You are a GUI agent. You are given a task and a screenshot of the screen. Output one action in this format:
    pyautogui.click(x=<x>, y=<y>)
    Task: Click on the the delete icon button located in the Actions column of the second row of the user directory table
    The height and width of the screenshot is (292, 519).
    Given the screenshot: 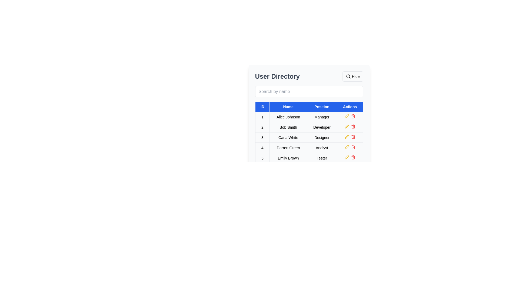 What is the action you would take?
    pyautogui.click(x=353, y=126)
    